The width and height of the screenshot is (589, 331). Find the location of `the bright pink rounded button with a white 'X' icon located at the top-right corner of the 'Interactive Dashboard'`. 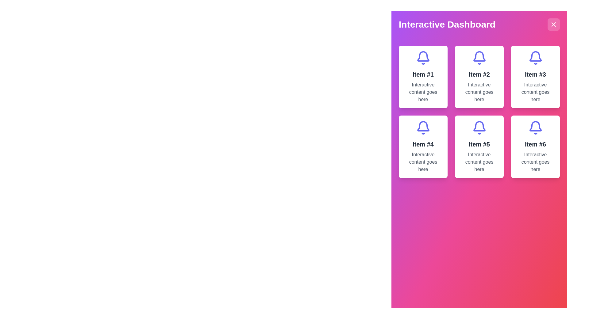

the bright pink rounded button with a white 'X' icon located at the top-right corner of the 'Interactive Dashboard' is located at coordinates (553, 24).